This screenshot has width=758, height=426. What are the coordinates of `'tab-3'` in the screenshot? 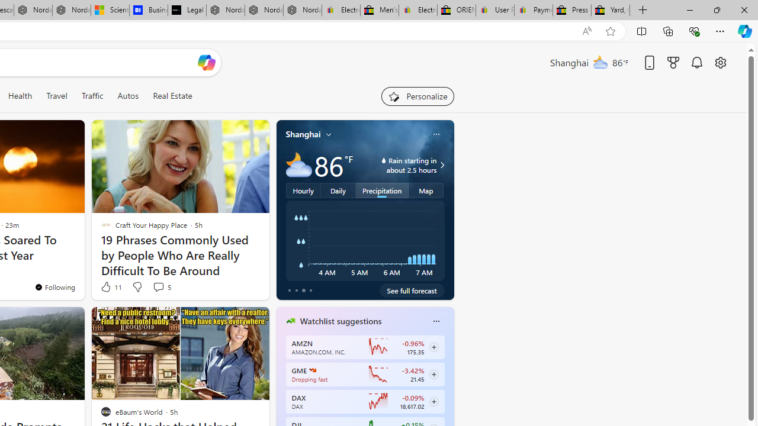 It's located at (310, 291).